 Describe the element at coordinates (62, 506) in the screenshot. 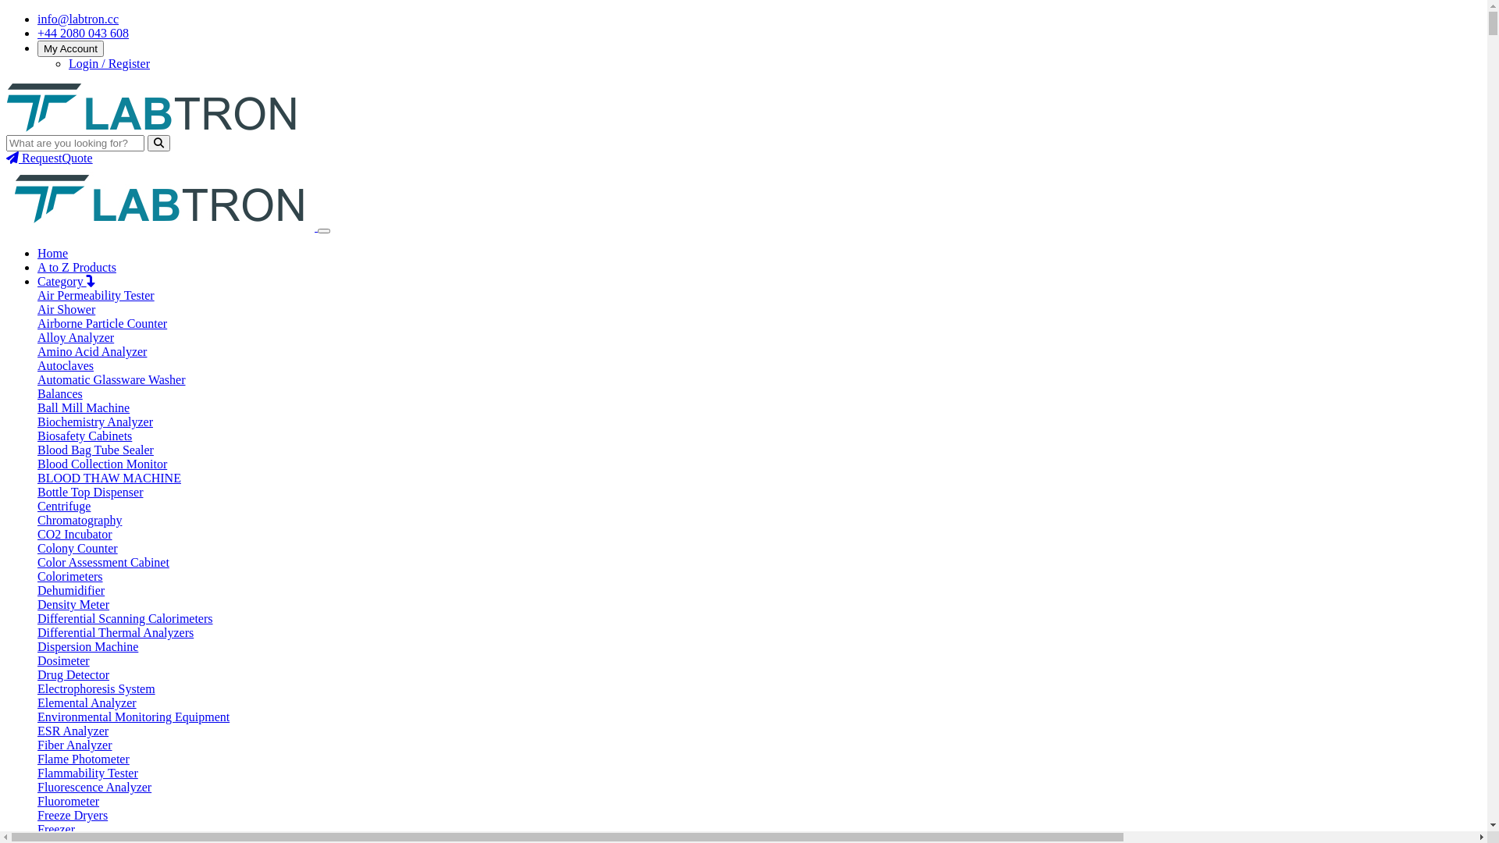

I see `'Centrifuge'` at that location.